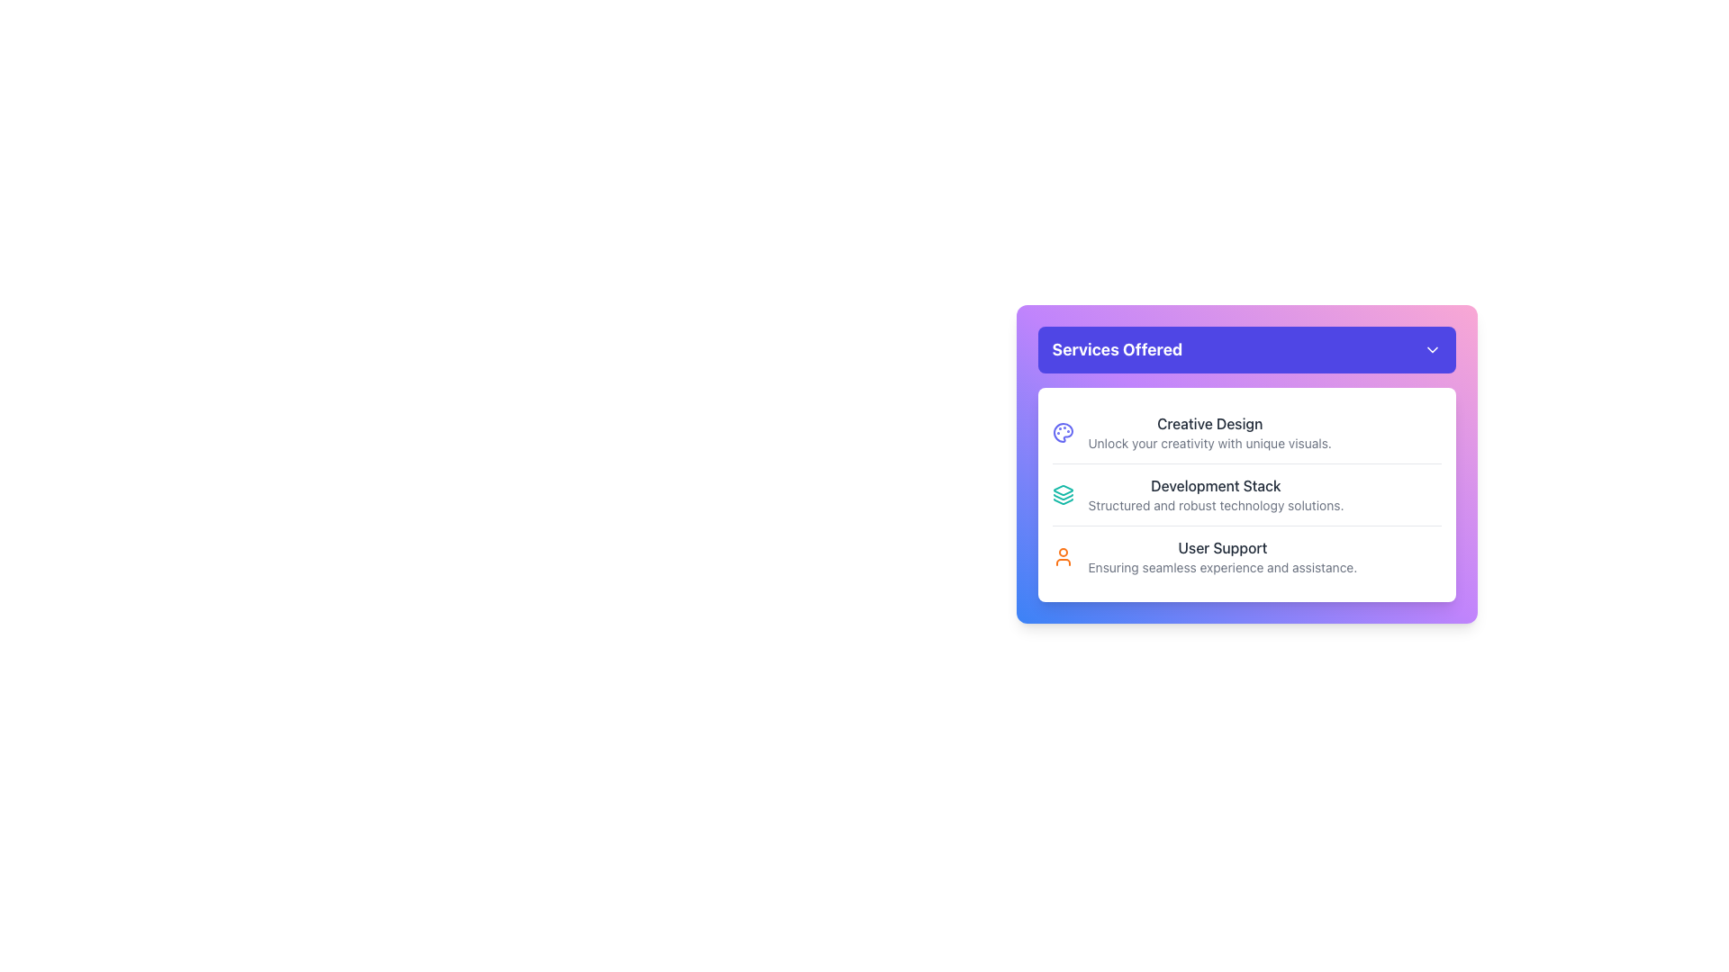  Describe the element at coordinates (1245, 433) in the screenshot. I see `the first item in the Informational card section, which features a purple palette icon and the title 'Creative Design'` at that location.